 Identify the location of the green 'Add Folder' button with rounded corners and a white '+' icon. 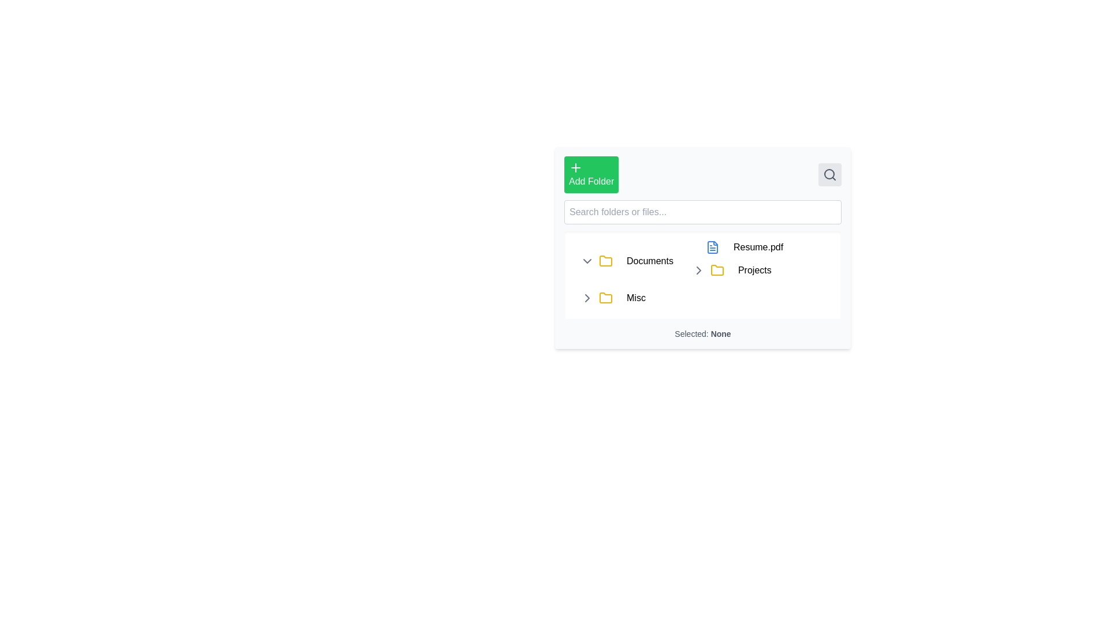
(591, 175).